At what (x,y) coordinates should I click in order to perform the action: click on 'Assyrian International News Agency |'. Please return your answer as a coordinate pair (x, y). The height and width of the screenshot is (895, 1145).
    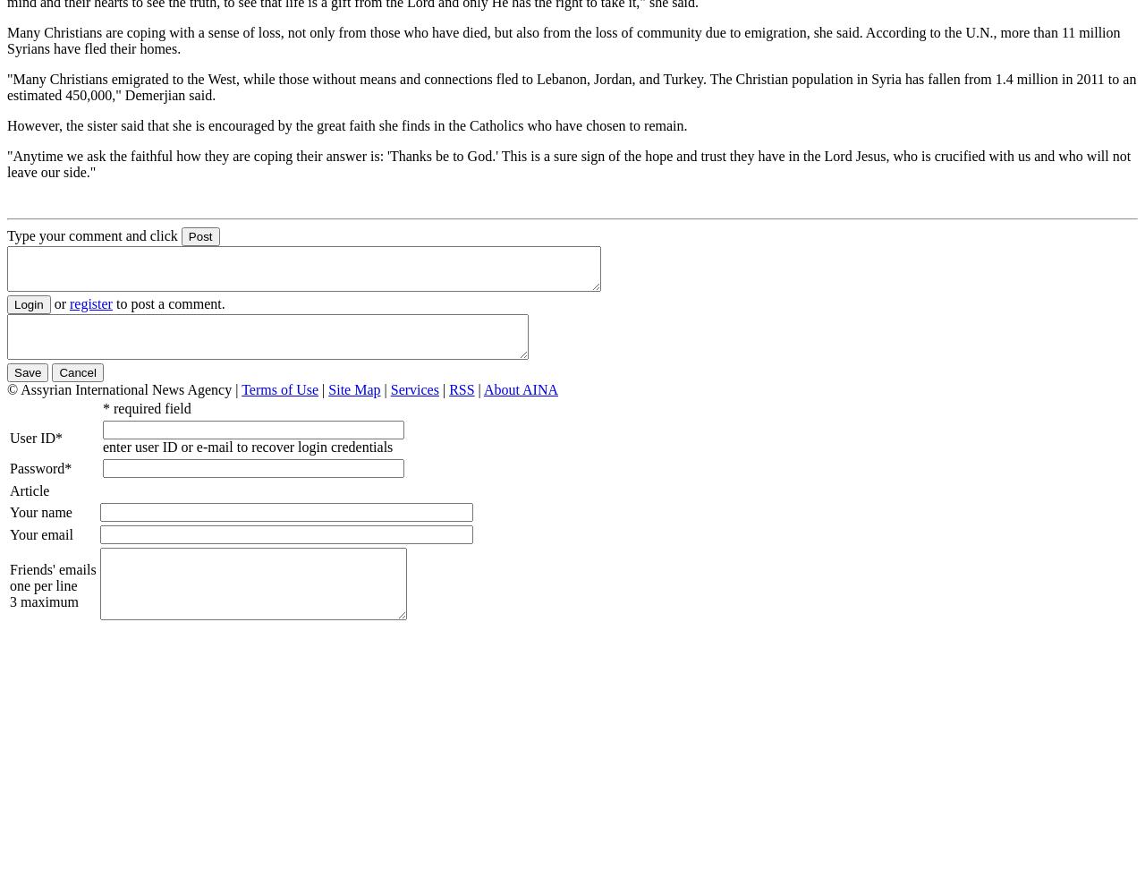
    Looking at the image, I should click on (130, 389).